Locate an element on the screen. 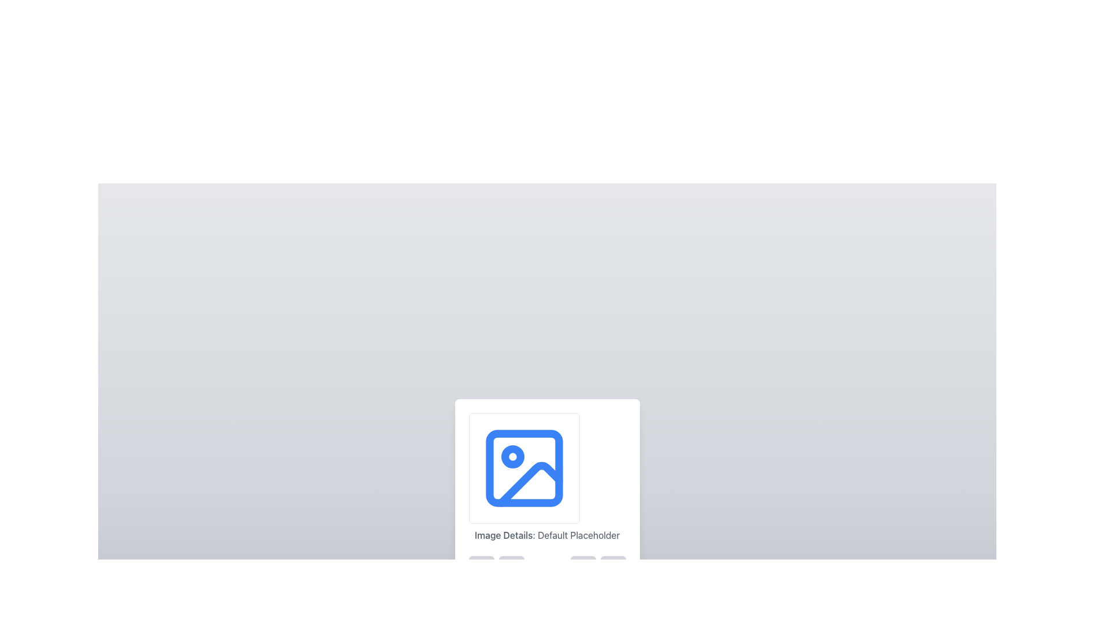 This screenshot has width=1109, height=623. the button located to the right within a horizontal arrangement of similar elements, slightly below the center of the application interface is located at coordinates (612, 566).